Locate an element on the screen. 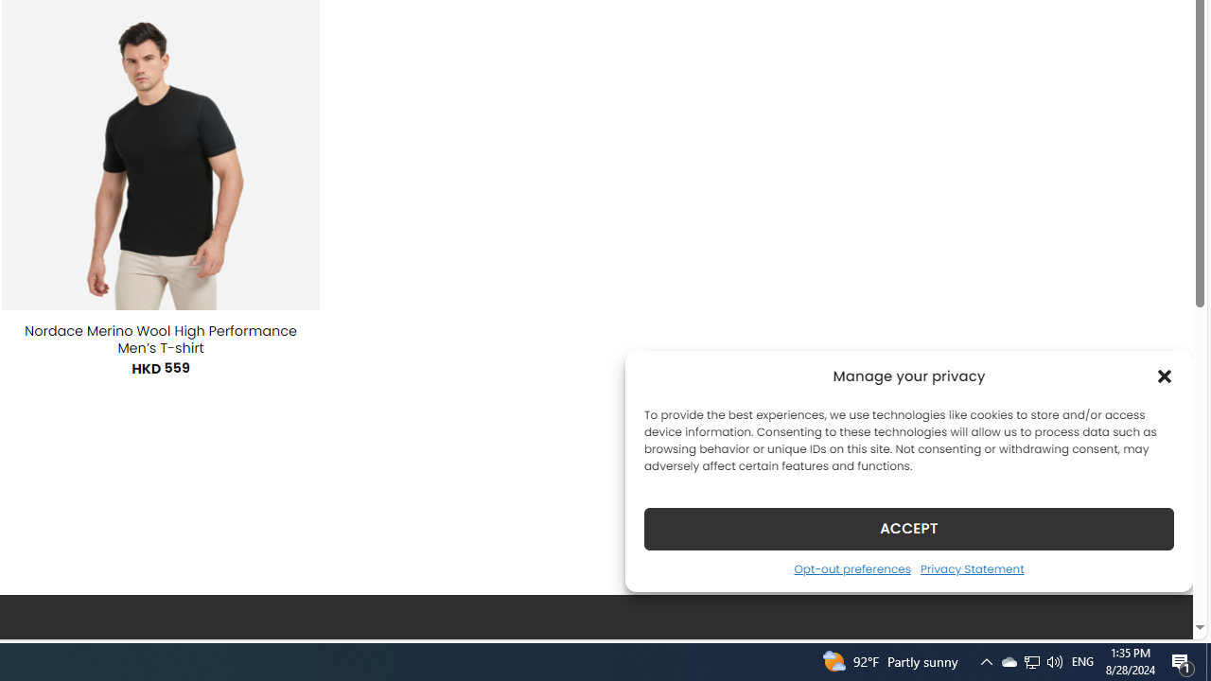 The width and height of the screenshot is (1211, 681). 'Class: cmplz-close' is located at coordinates (1164, 375).